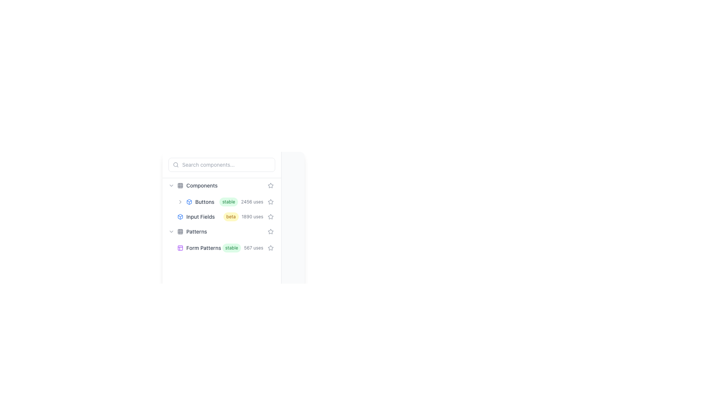 This screenshot has width=714, height=401. Describe the element at coordinates (221, 231) in the screenshot. I see `the 'Patterns' navigation button, which is the third item in the vertical list of components in the sidebar, located between 'Input Fields' and 'Form Patterns'` at that location.